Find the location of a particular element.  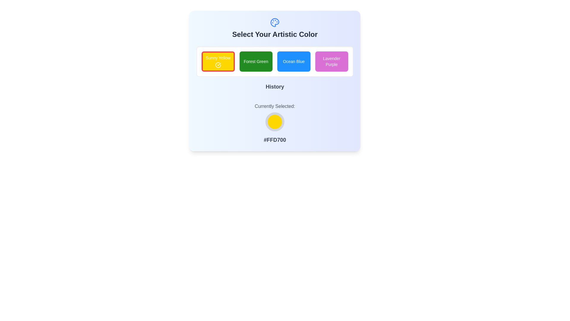

the small circular icon with a checkmark inside, which is centrally placed within the vibrant yellow button labeled 'Sunny Yellow' is located at coordinates (218, 65).